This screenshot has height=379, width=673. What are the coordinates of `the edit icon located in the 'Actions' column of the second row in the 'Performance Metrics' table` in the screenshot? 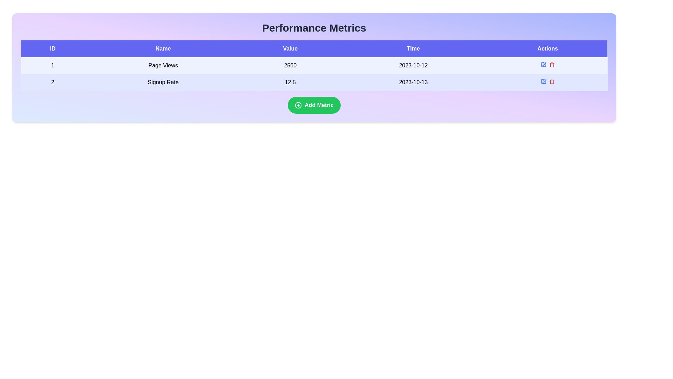 It's located at (544, 80).